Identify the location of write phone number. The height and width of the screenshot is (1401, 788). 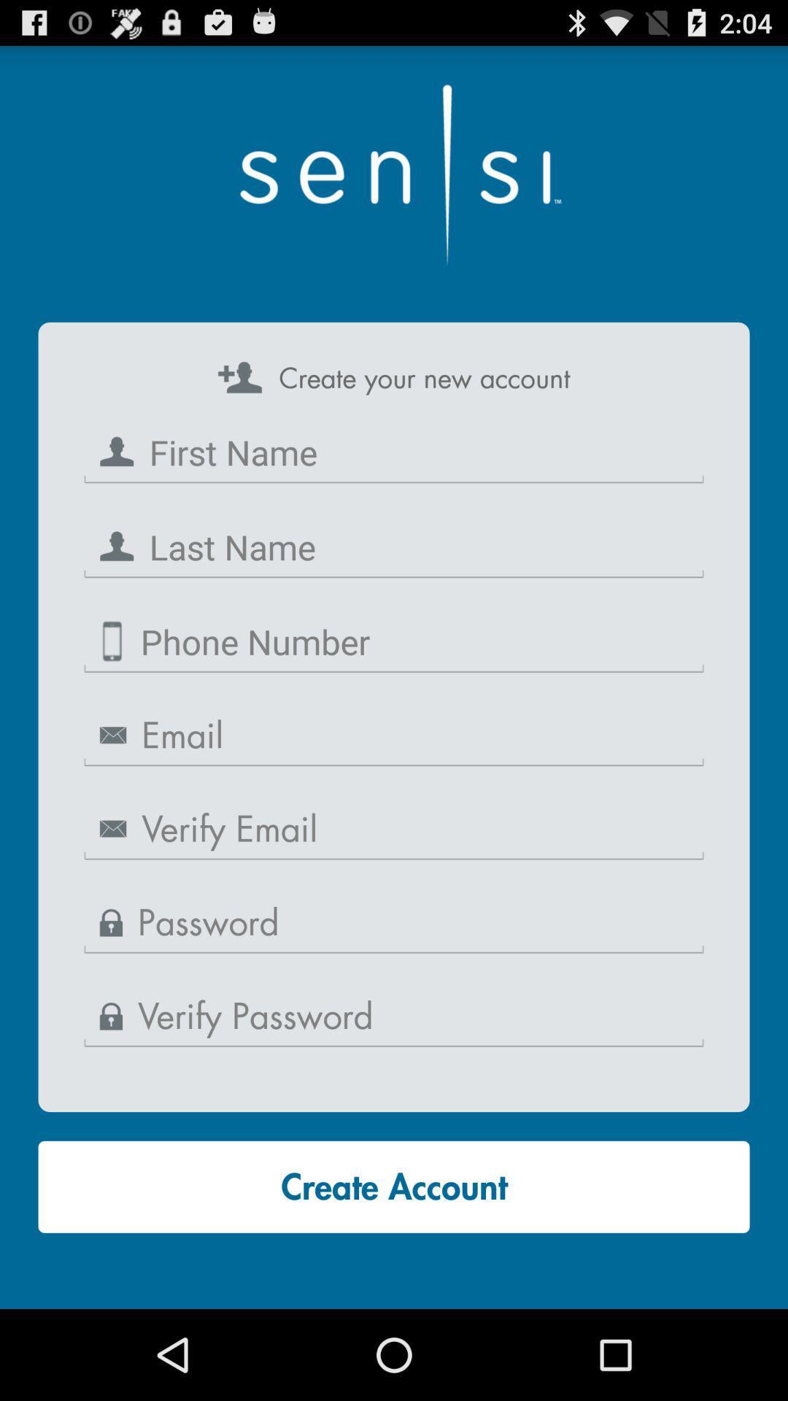
(394, 642).